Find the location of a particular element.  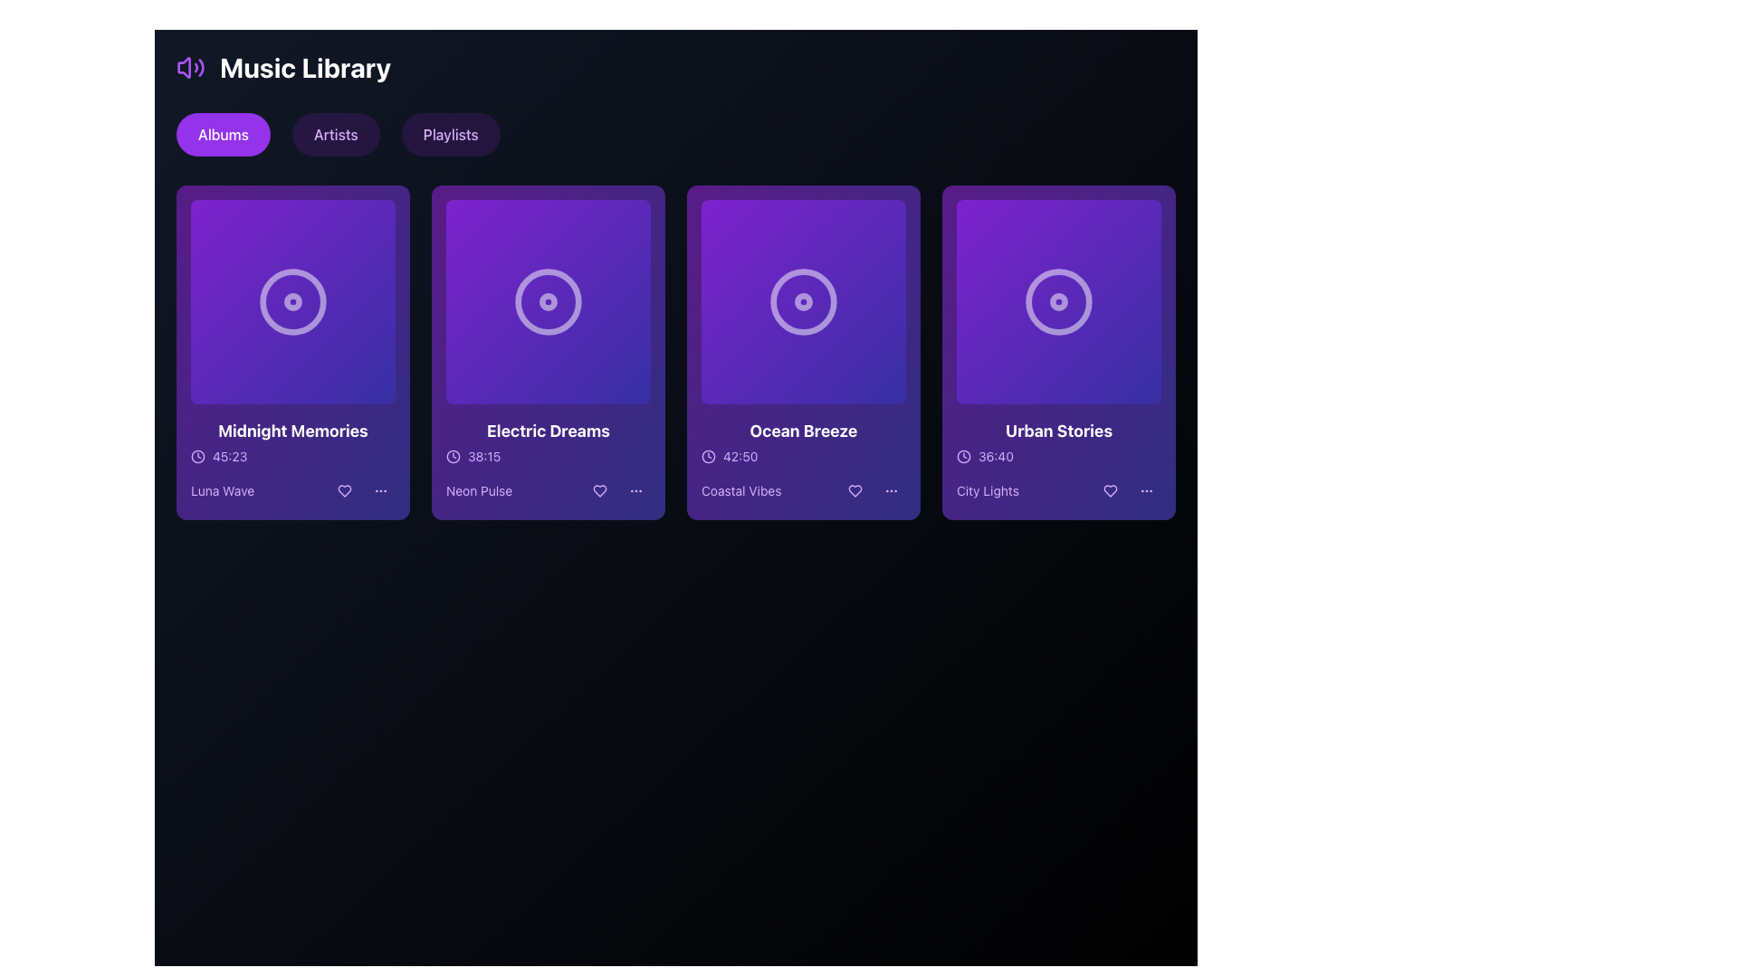

the time icon located in the 'Ocean Breeze' music collection card, which precedes the time text '42:50' is located at coordinates (707, 456).